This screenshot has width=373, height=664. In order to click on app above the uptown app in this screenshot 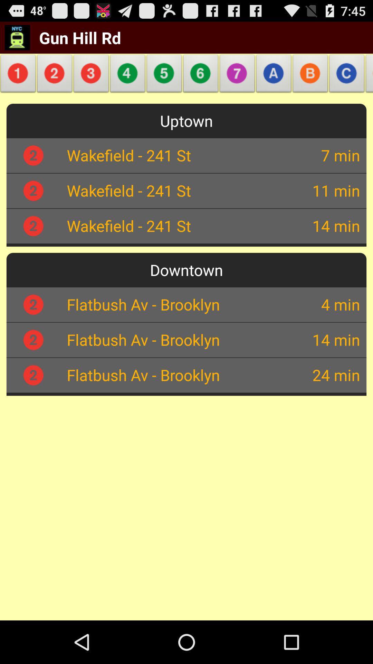, I will do `click(201, 75)`.